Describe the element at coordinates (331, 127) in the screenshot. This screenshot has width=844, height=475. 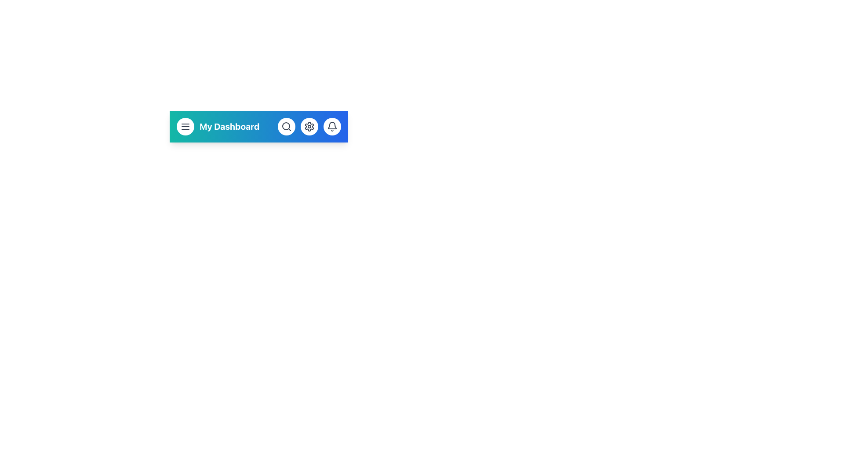
I see `the bell-shaped icon with rounded features that is styled in a simple minimalist outline, located in the upper-right section of the interface bar` at that location.